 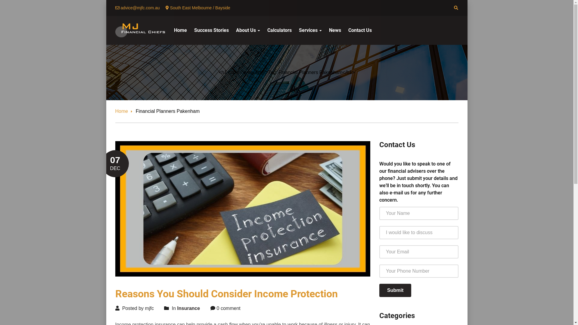 What do you see at coordinates (395, 290) in the screenshot?
I see `'Submit'` at bounding box center [395, 290].